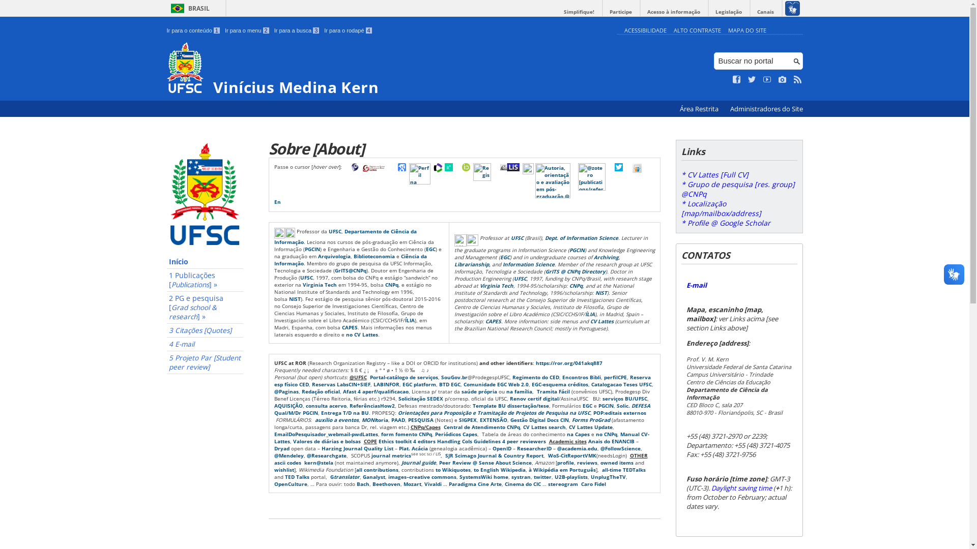  What do you see at coordinates (373, 256) in the screenshot?
I see `'Biblioteconomia'` at bounding box center [373, 256].